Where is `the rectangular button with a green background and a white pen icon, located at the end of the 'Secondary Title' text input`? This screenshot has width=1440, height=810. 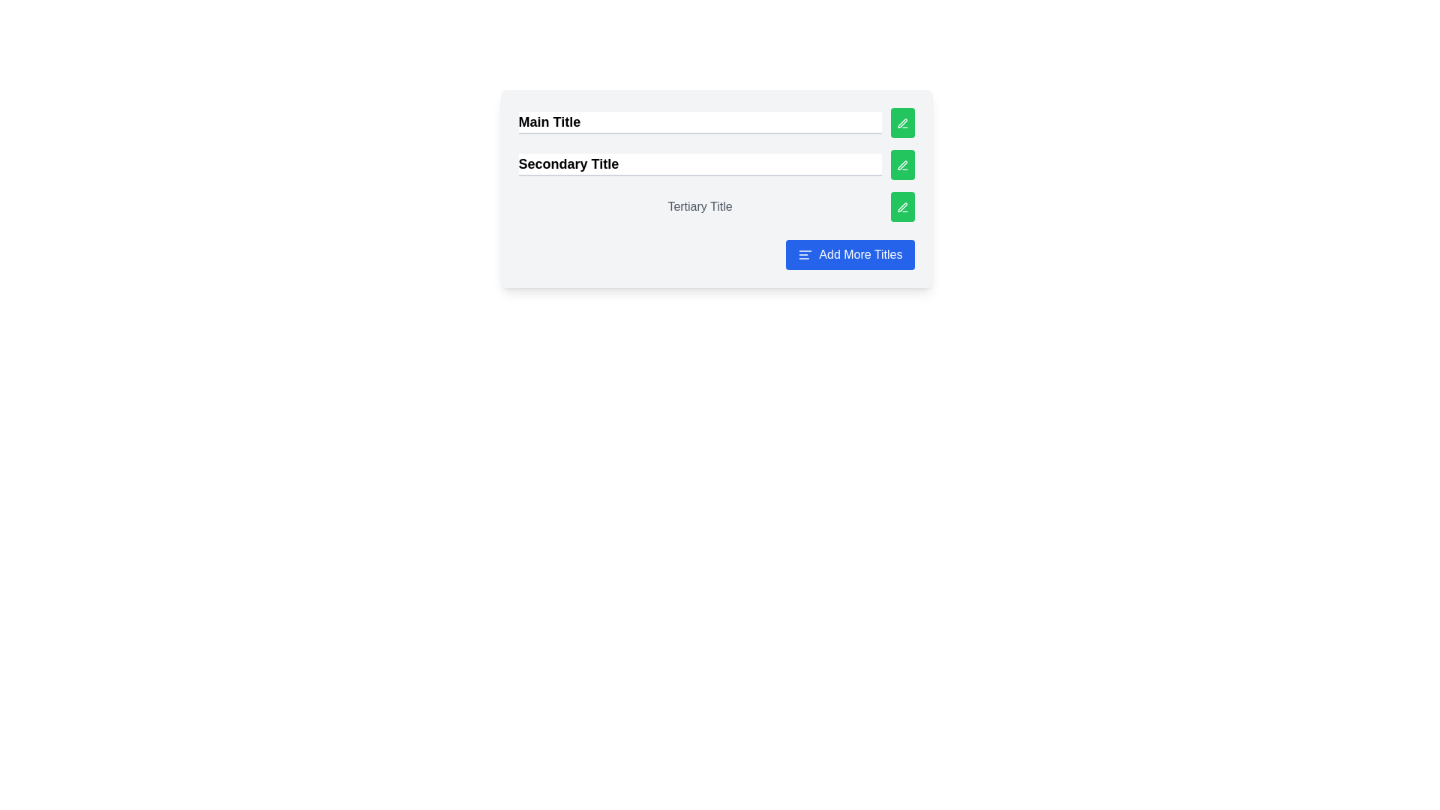
the rectangular button with a green background and a white pen icon, located at the end of the 'Secondary Title' text input is located at coordinates (901, 164).